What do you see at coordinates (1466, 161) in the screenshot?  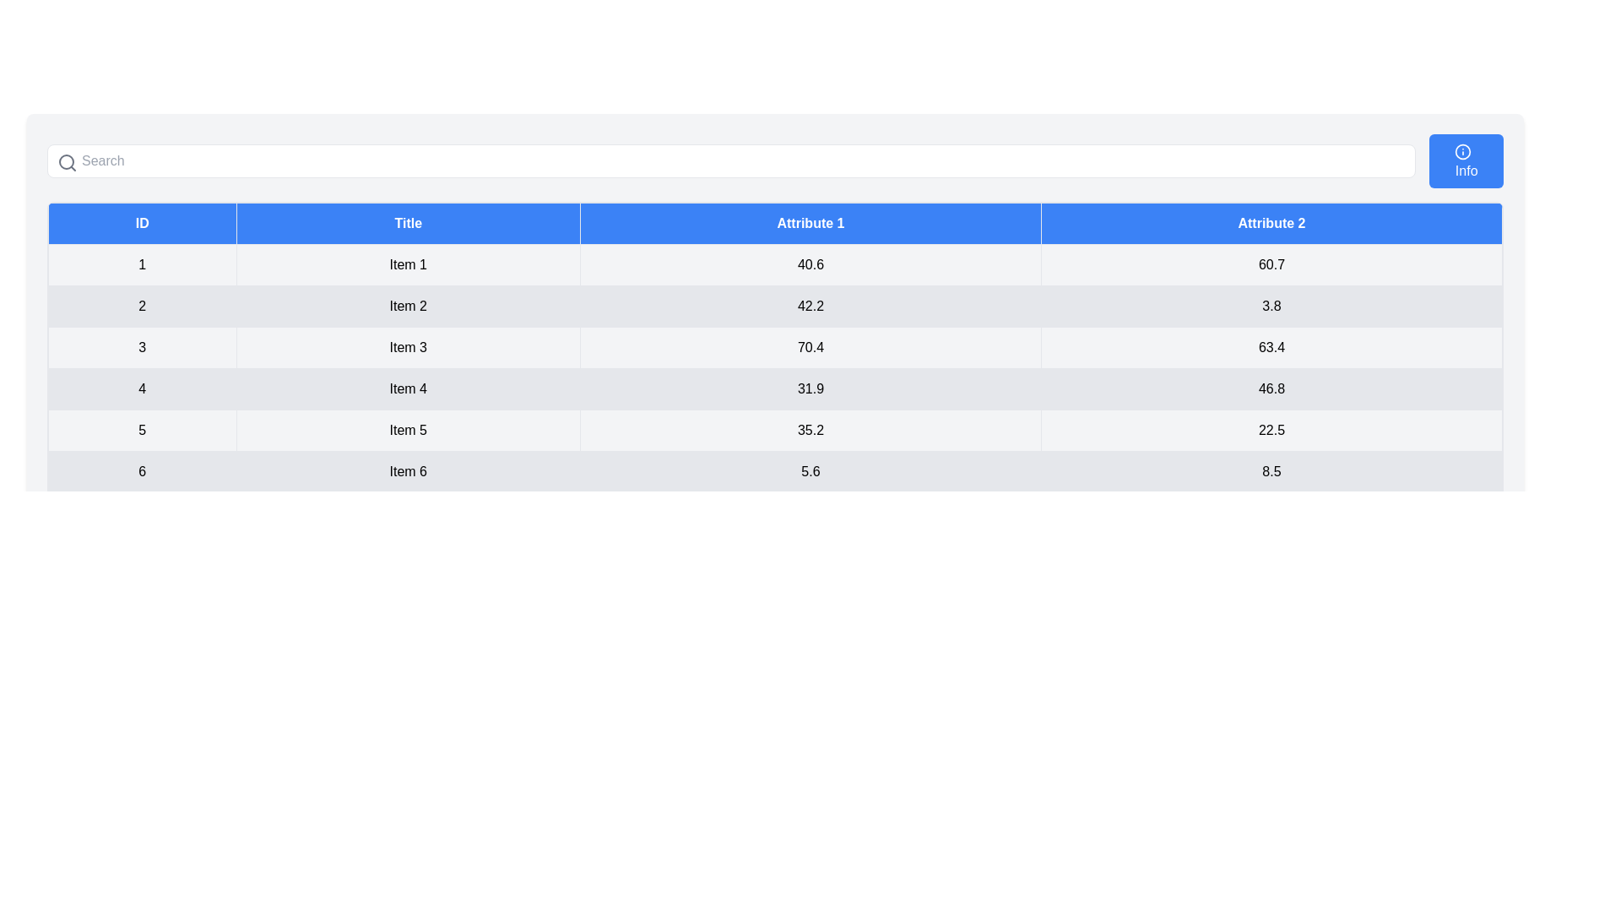 I see `the 'Info' button to view additional information` at bounding box center [1466, 161].